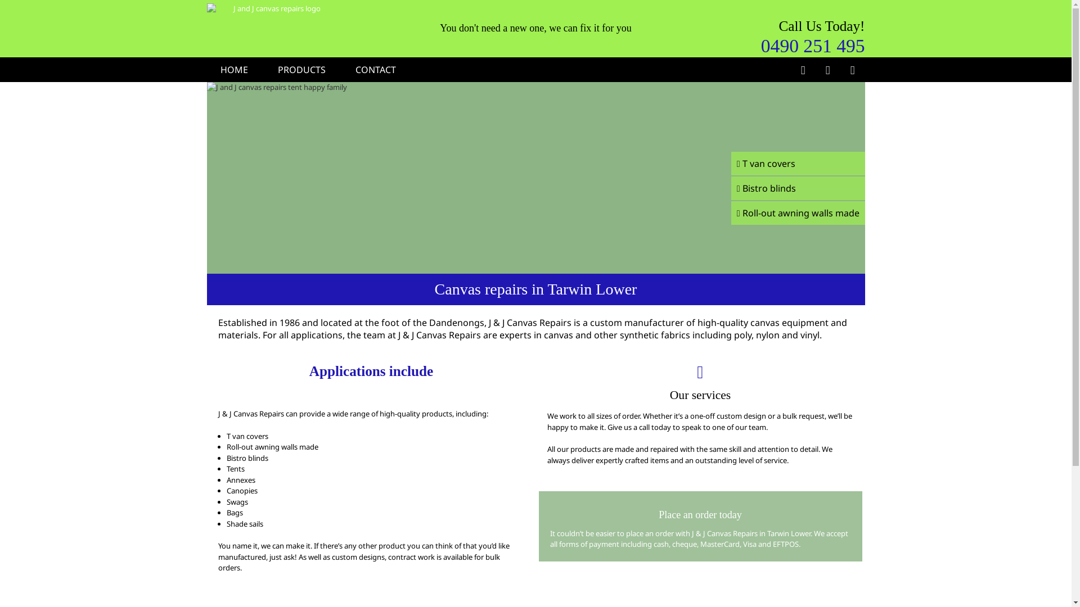  I want to click on 'PRODUCTS', so click(301, 69).